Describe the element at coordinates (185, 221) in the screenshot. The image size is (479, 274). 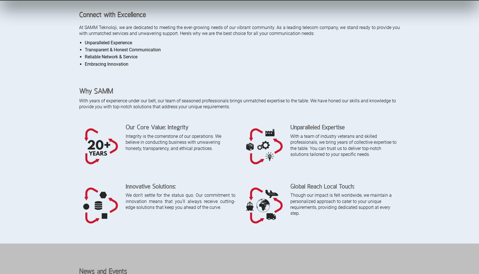
I see `'Heating'` at that location.